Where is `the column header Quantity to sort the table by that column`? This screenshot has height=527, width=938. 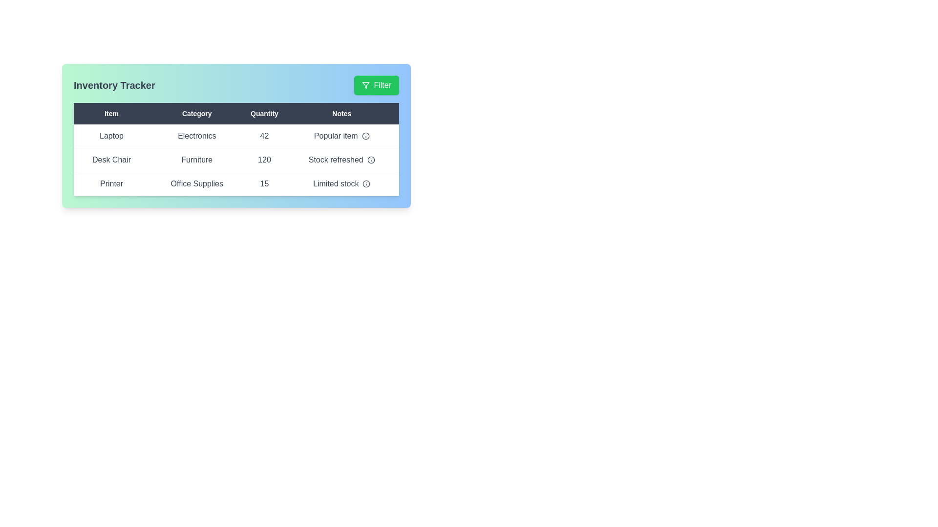
the column header Quantity to sort the table by that column is located at coordinates (264, 113).